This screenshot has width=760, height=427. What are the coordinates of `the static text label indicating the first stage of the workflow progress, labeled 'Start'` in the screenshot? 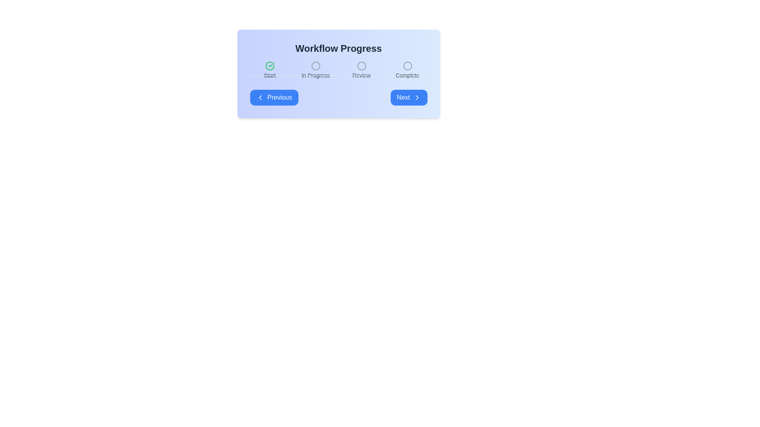 It's located at (270, 76).